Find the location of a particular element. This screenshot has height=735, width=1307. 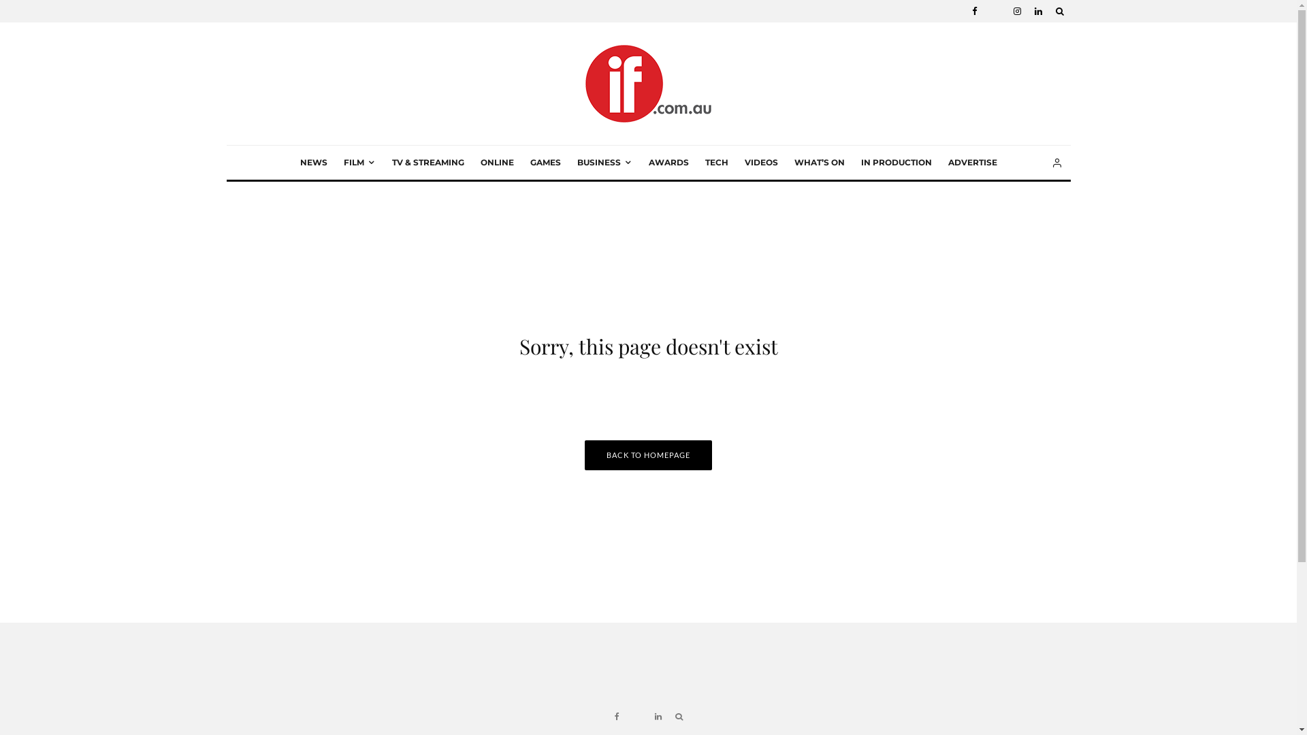

'VIDEOS' is located at coordinates (760, 162).